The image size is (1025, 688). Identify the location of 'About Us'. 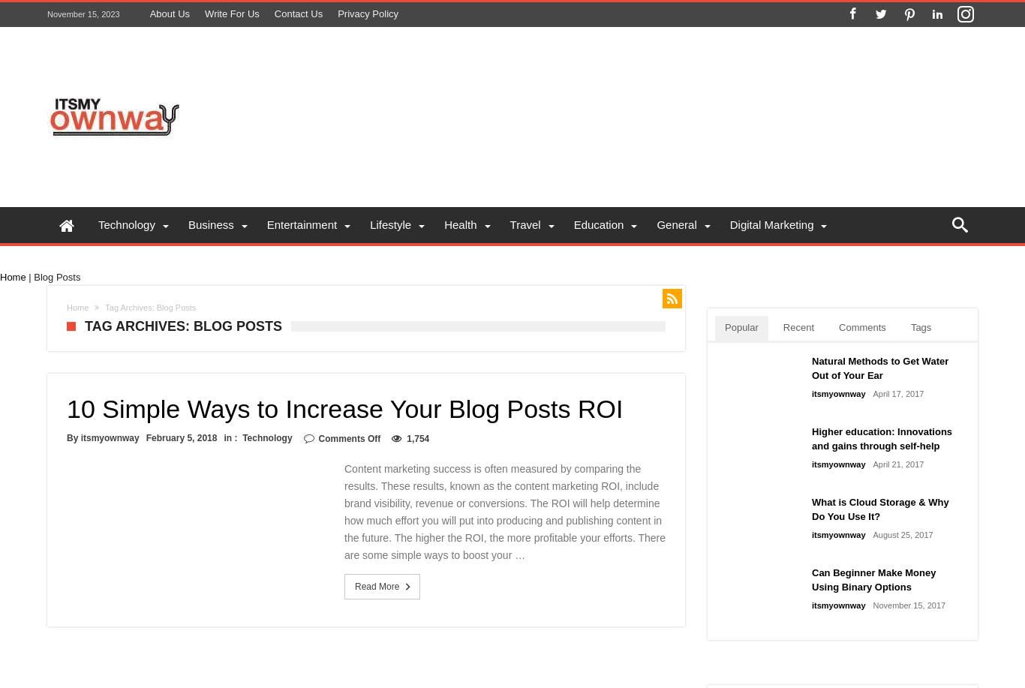
(149, 14).